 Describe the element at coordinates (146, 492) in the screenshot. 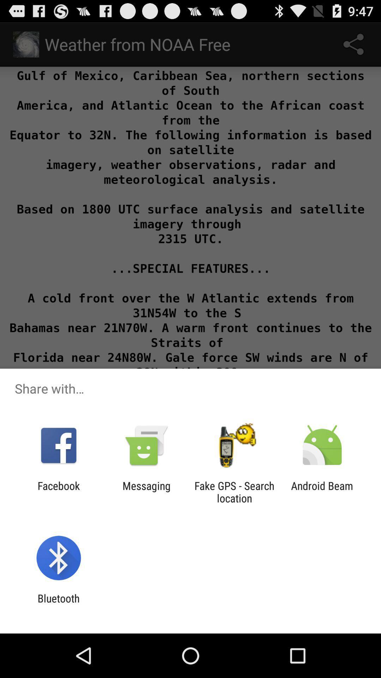

I see `the messaging` at that location.